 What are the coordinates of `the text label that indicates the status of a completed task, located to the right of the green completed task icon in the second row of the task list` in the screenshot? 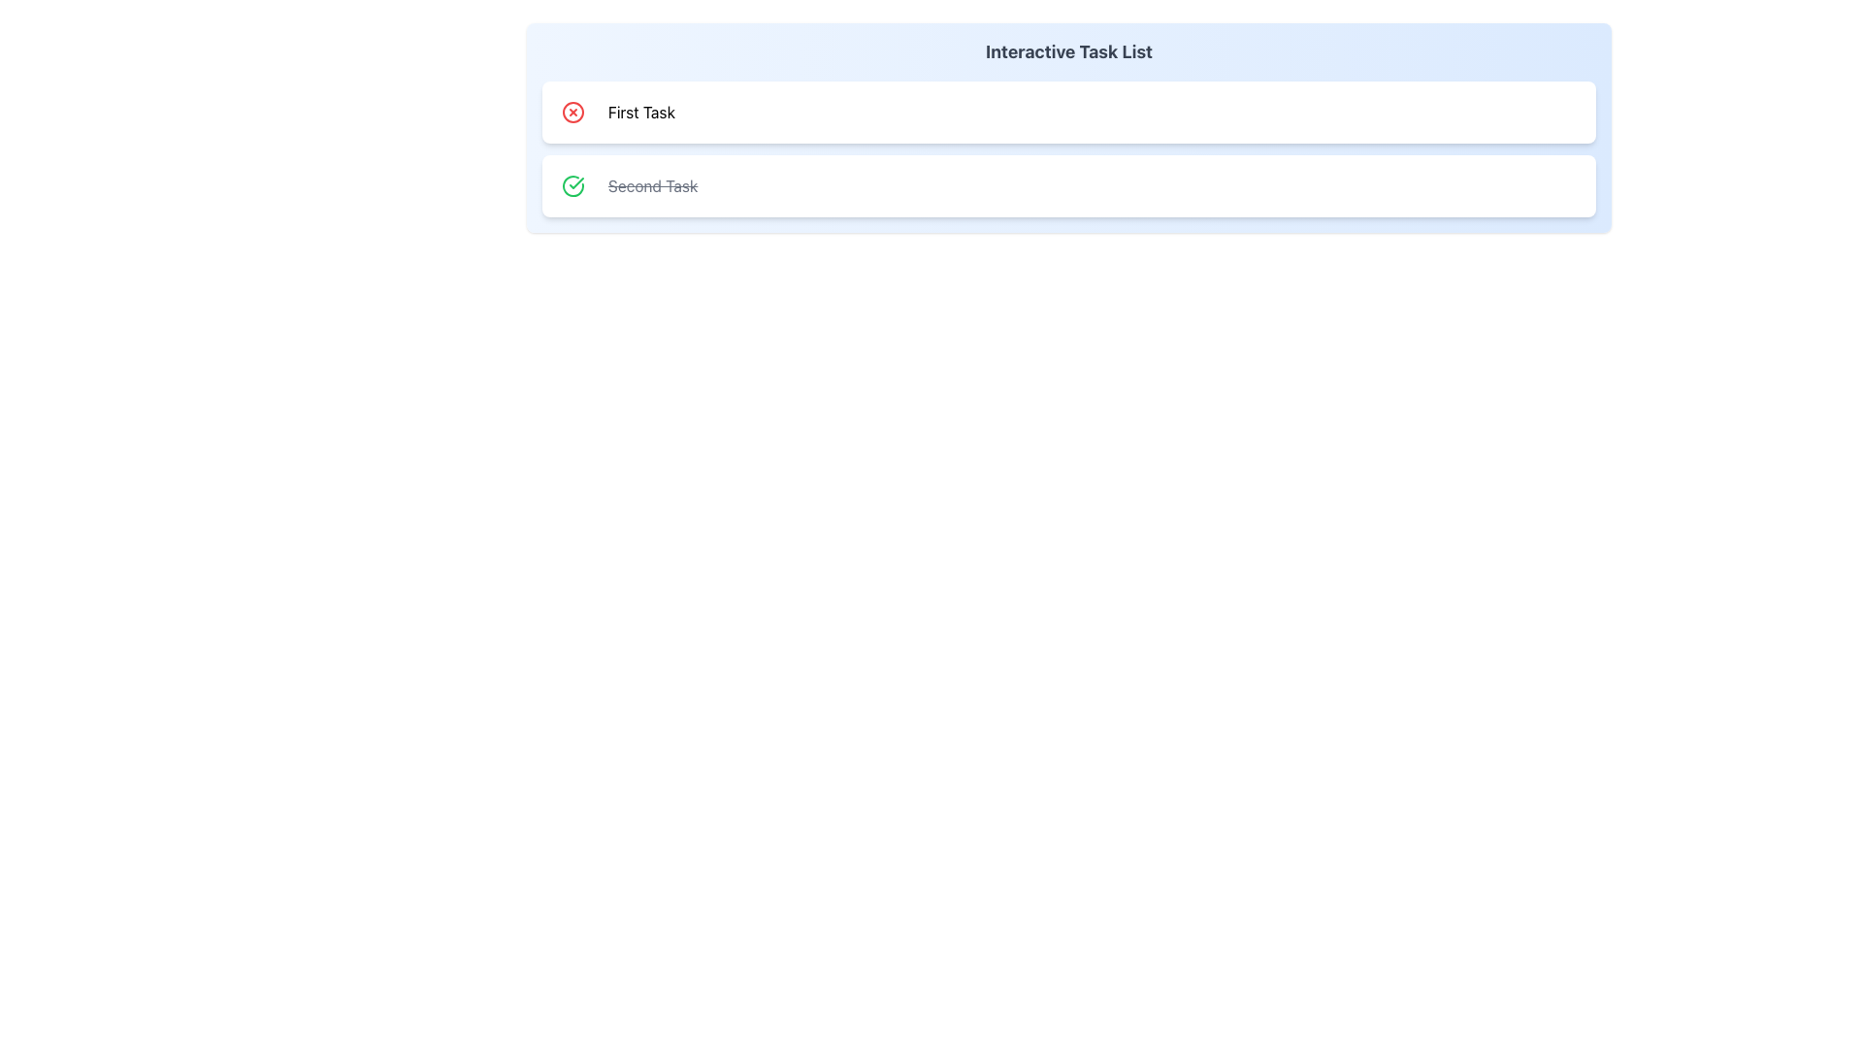 It's located at (653, 186).